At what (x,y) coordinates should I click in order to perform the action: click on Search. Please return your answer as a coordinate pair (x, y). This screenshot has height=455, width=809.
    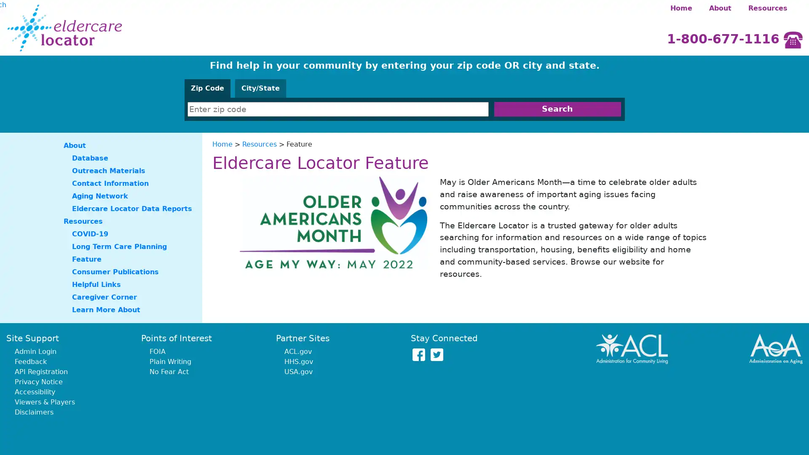
    Looking at the image, I should click on (557, 109).